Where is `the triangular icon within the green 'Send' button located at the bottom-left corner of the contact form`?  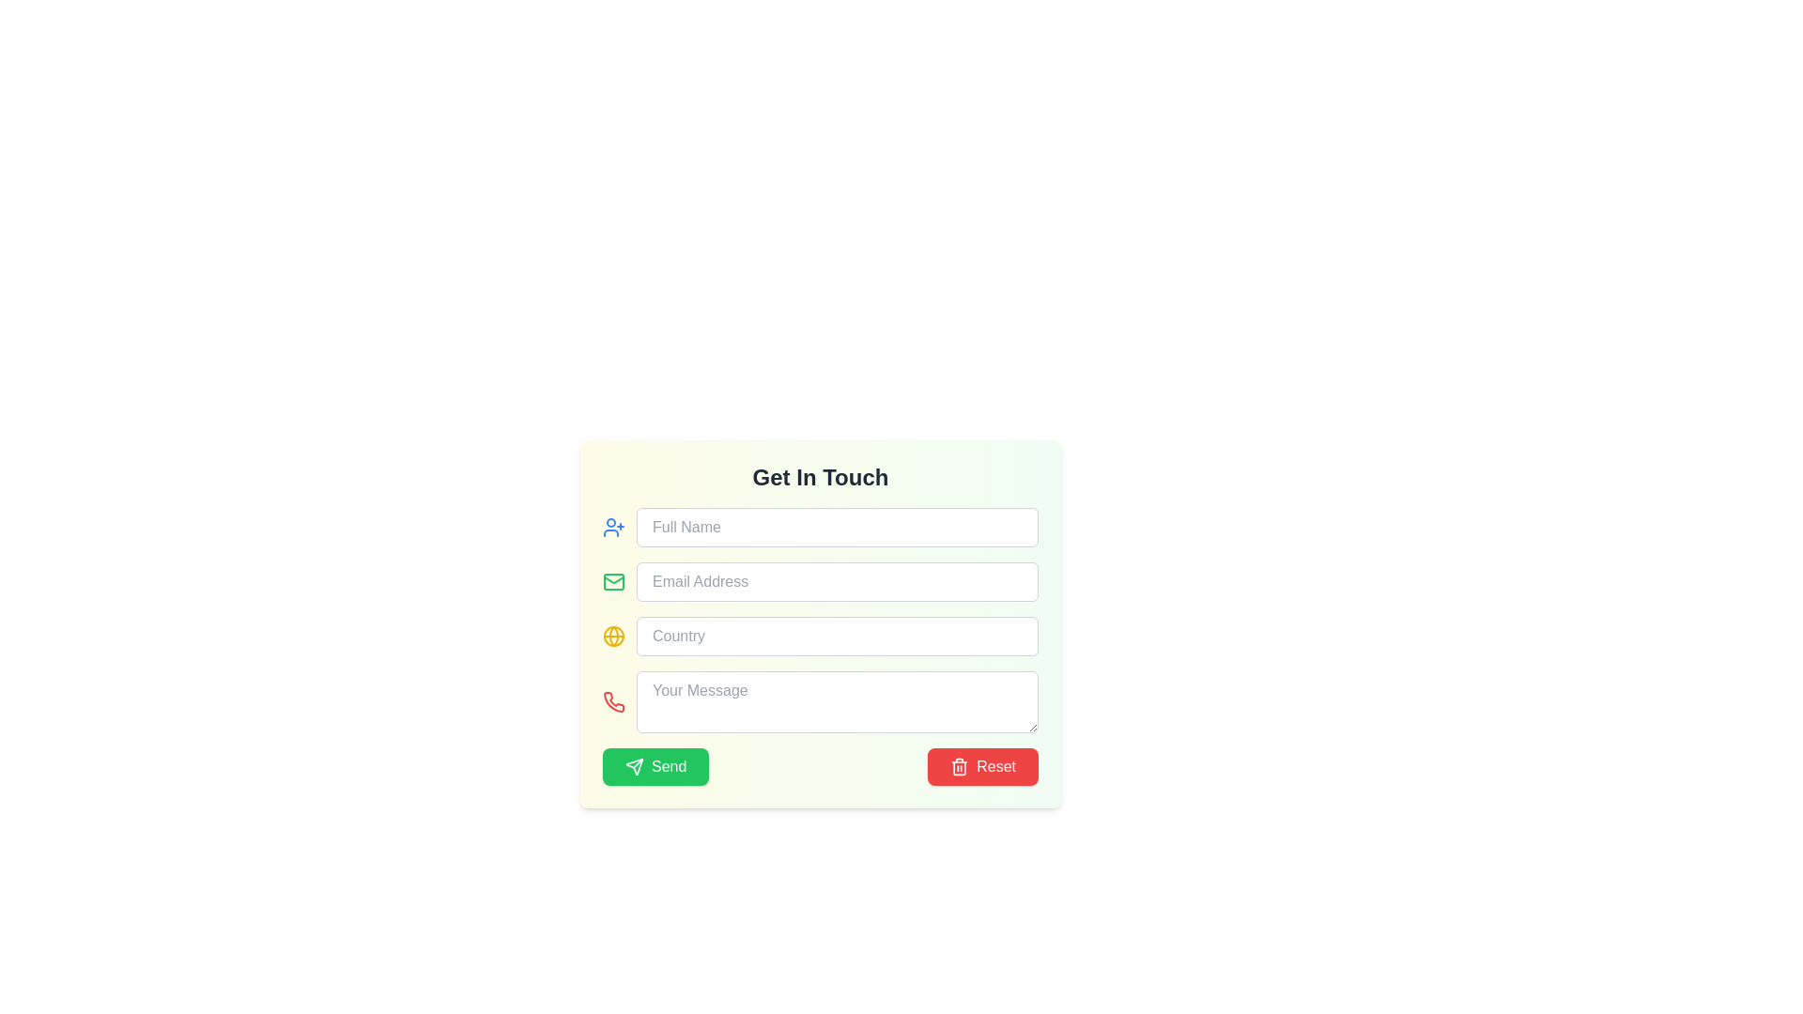
the triangular icon within the green 'Send' button located at the bottom-left corner of the contact form is located at coordinates (635, 767).